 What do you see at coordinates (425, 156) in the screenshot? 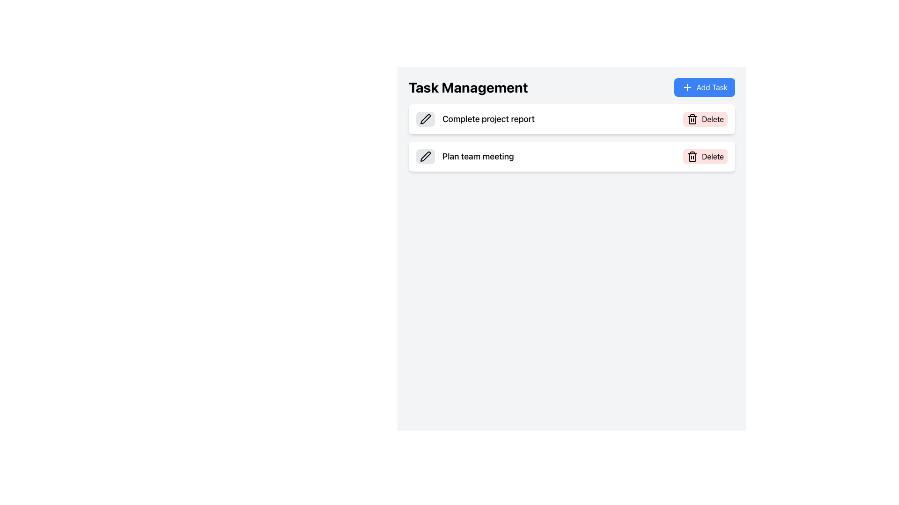
I see `the button with a pen icon that changes color from light gray to blue, located in the second row under the 'Task Management' heading` at bounding box center [425, 156].